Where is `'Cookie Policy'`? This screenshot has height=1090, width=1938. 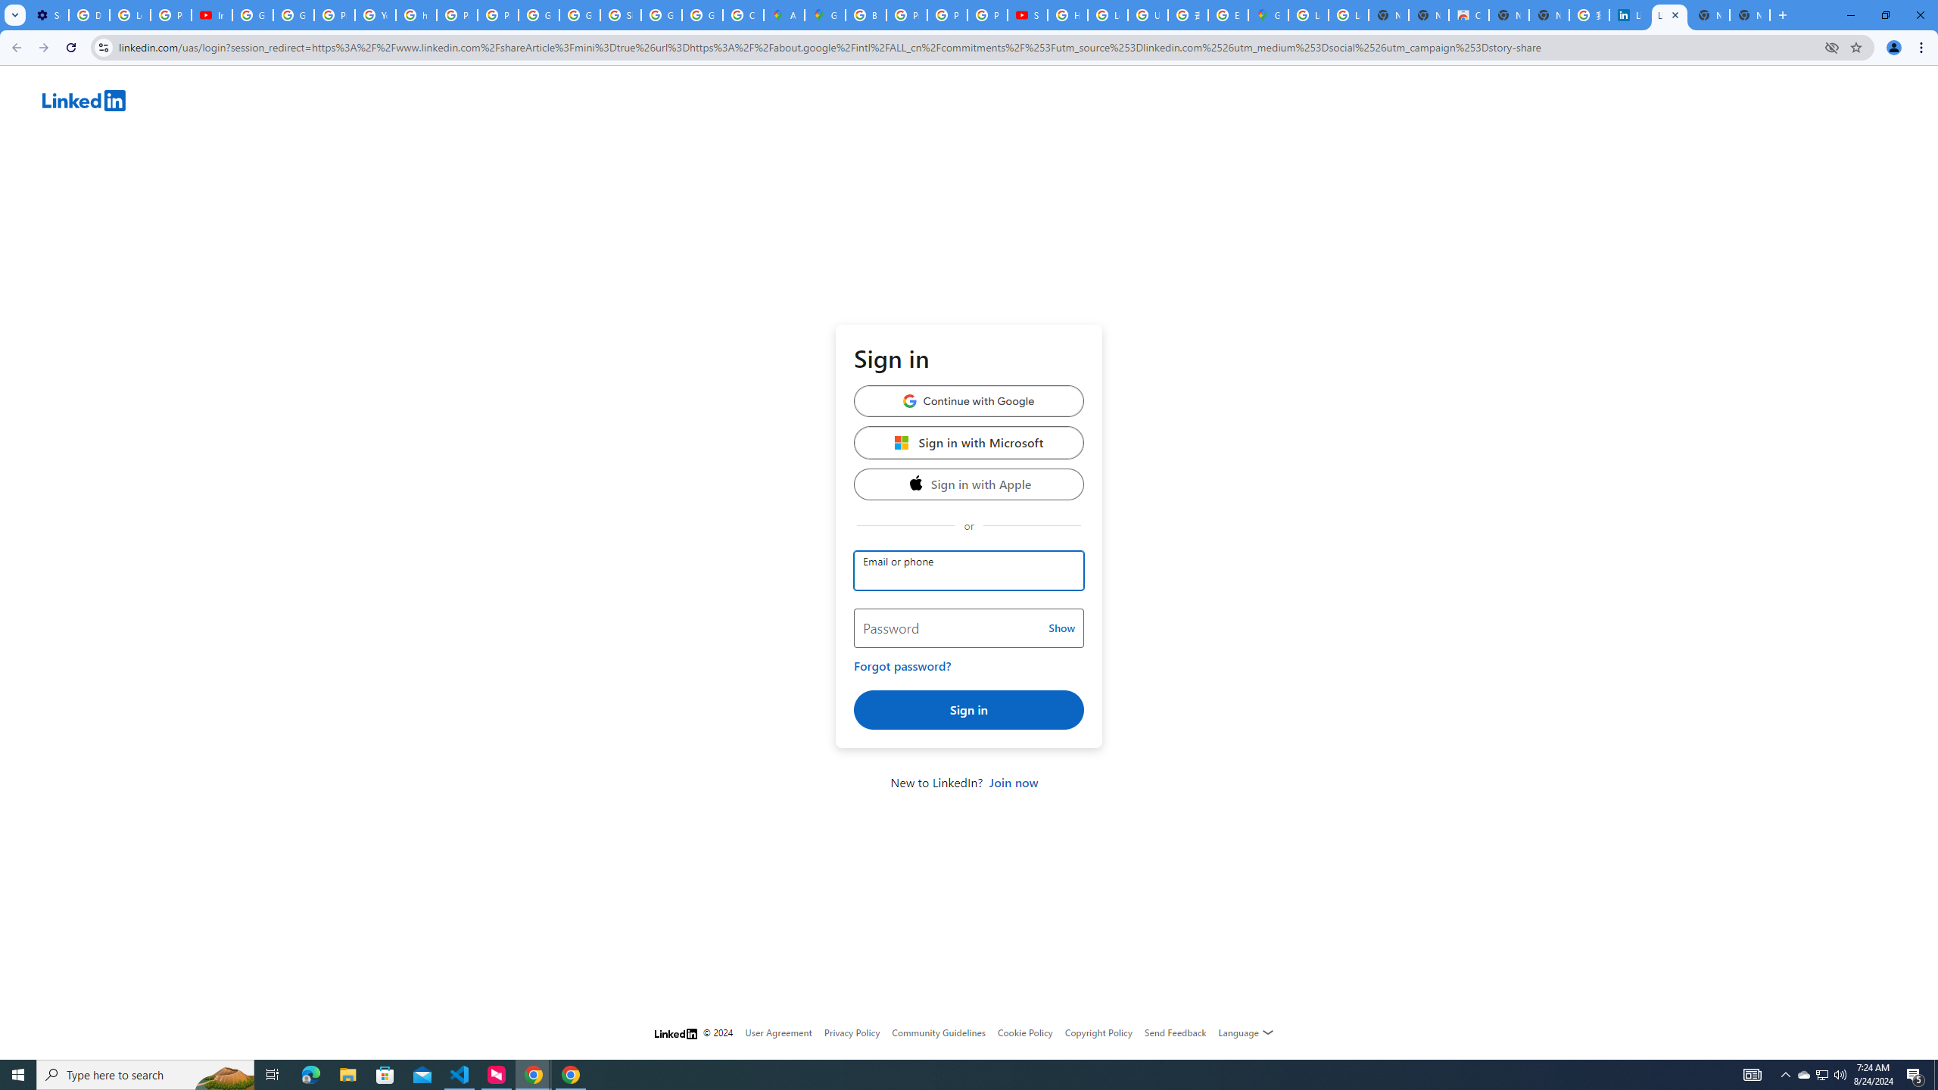
'Cookie Policy' is located at coordinates (1024, 1032).